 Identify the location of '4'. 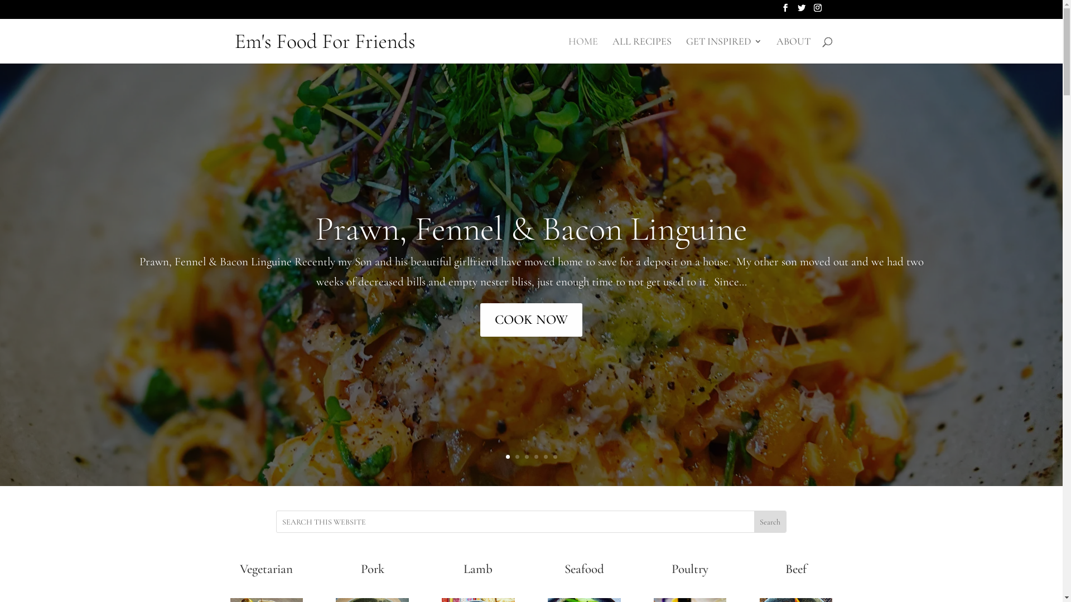
(536, 457).